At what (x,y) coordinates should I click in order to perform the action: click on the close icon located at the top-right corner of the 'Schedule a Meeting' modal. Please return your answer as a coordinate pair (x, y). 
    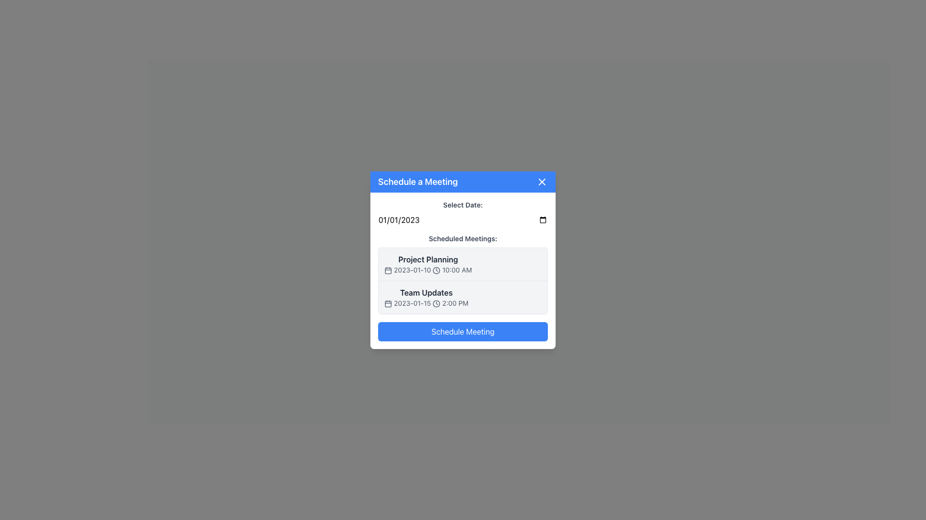
    Looking at the image, I should click on (542, 182).